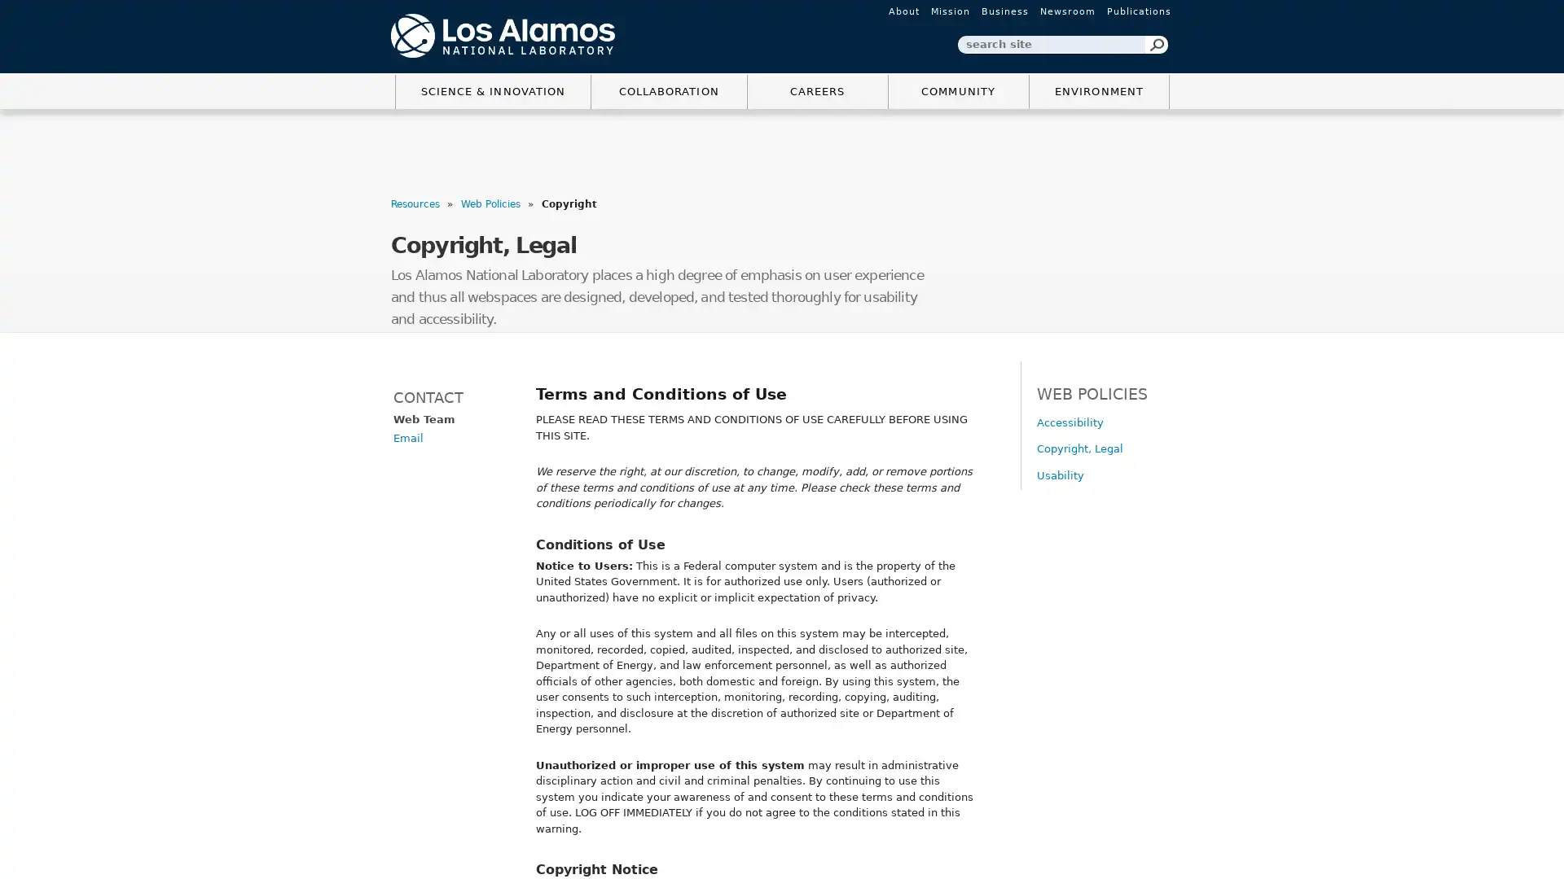 This screenshot has width=1564, height=879. What do you see at coordinates (1156, 43) in the screenshot?
I see `Search Button` at bounding box center [1156, 43].